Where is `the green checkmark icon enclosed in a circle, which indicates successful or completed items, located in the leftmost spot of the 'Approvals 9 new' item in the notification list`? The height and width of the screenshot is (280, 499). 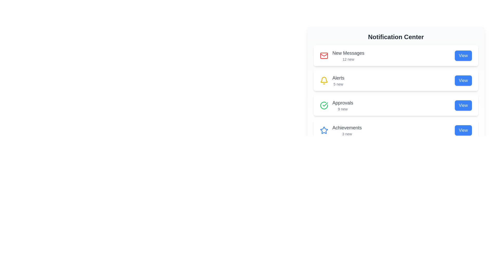 the green checkmark icon enclosed in a circle, which indicates successful or completed items, located in the leftmost spot of the 'Approvals 9 new' item in the notification list is located at coordinates (324, 105).